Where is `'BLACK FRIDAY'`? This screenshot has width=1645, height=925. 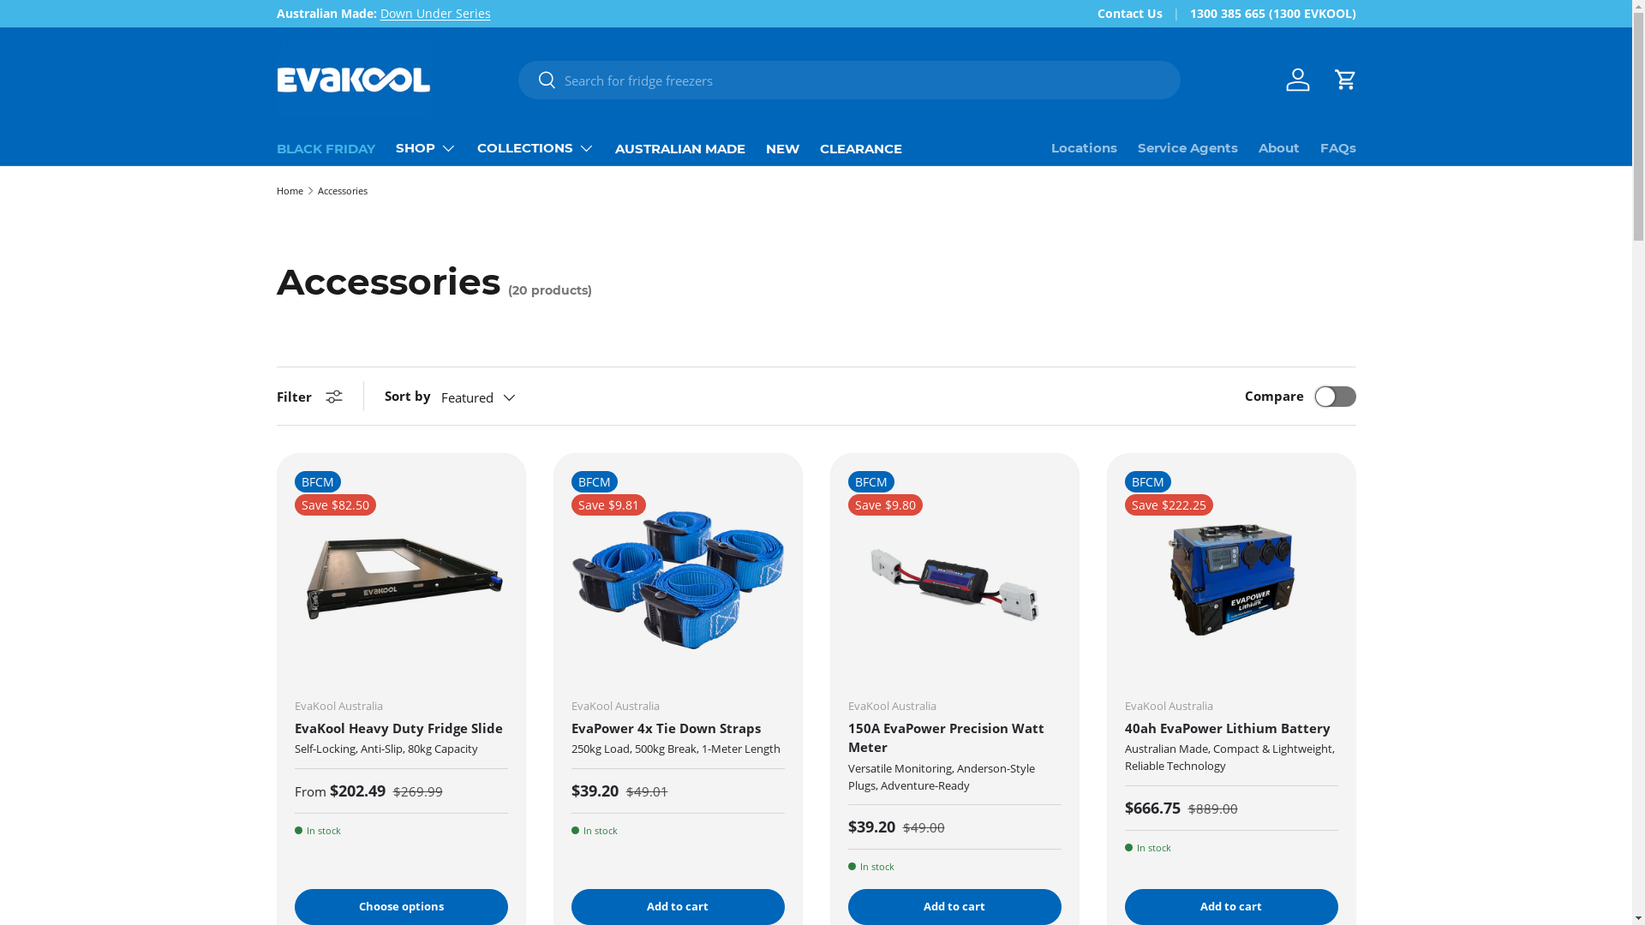 'BLACK FRIDAY' is located at coordinates (325, 147).